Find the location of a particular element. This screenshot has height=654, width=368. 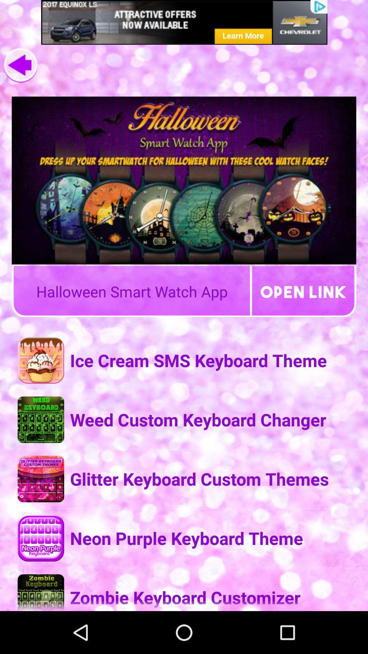

give advertisement information is located at coordinates (184, 22).